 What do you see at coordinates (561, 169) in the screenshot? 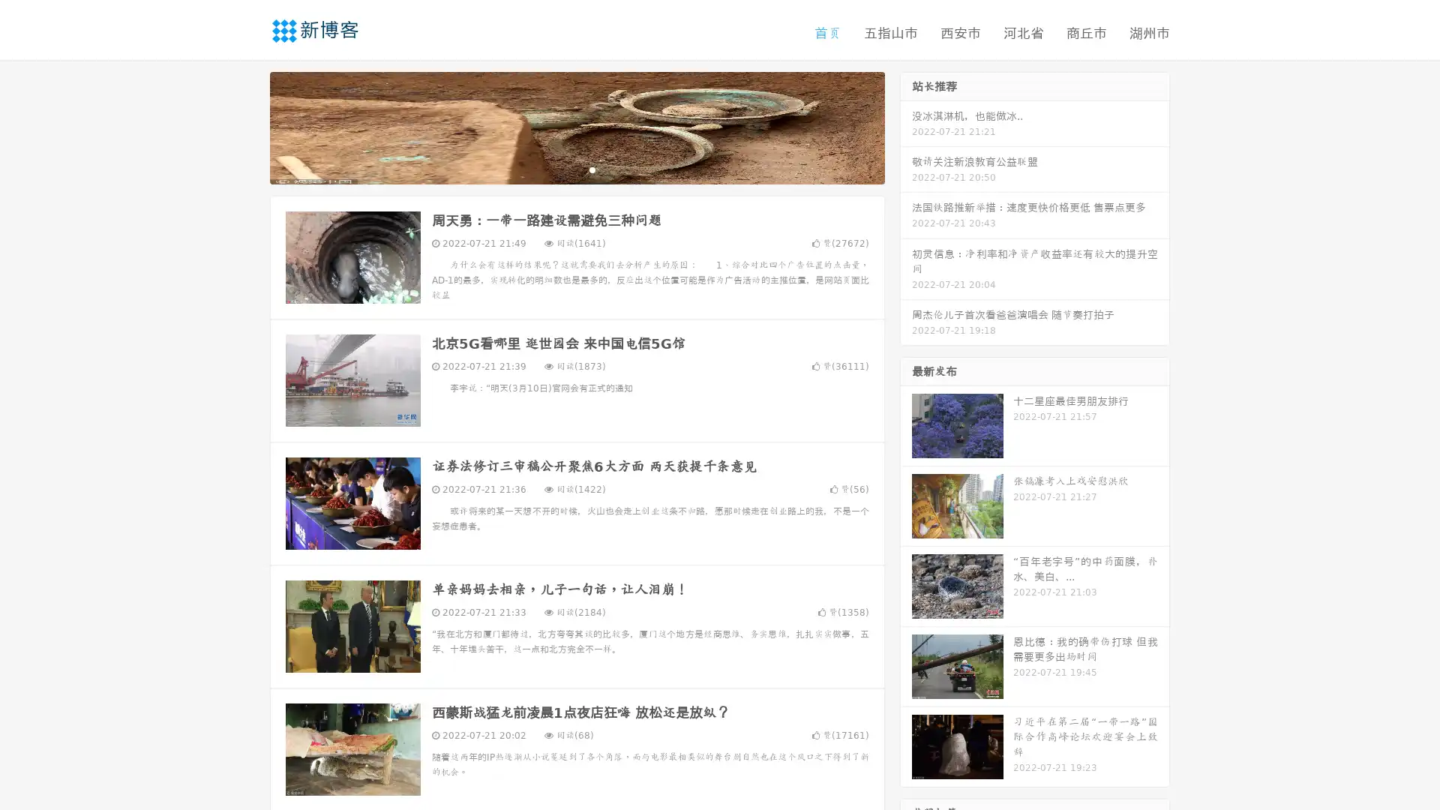
I see `Go to slide 1` at bounding box center [561, 169].